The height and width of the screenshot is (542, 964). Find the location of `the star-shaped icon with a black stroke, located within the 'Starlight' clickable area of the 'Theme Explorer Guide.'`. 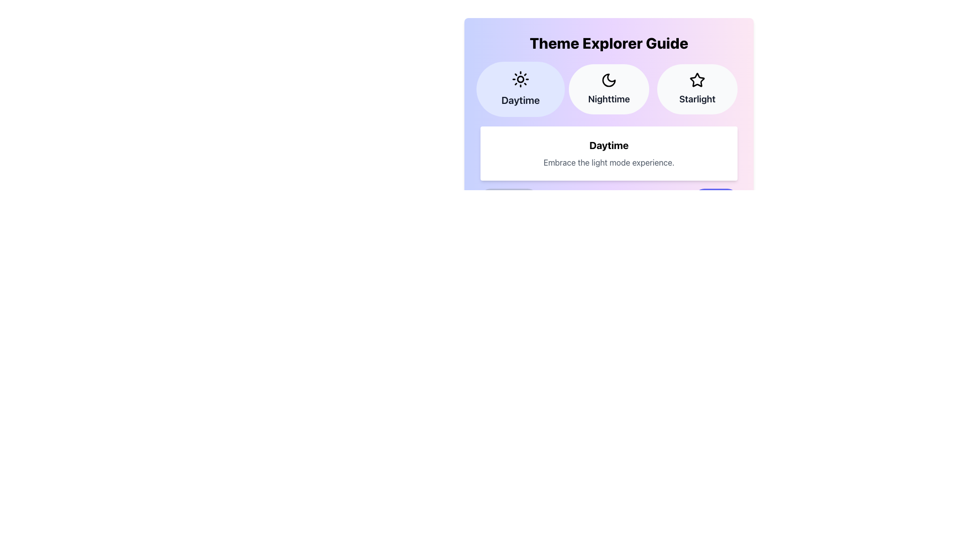

the star-shaped icon with a black stroke, located within the 'Starlight' clickable area of the 'Theme Explorer Guide.' is located at coordinates (696, 79).